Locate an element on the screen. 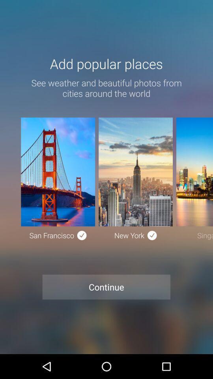  image above text new york is located at coordinates (135, 172).